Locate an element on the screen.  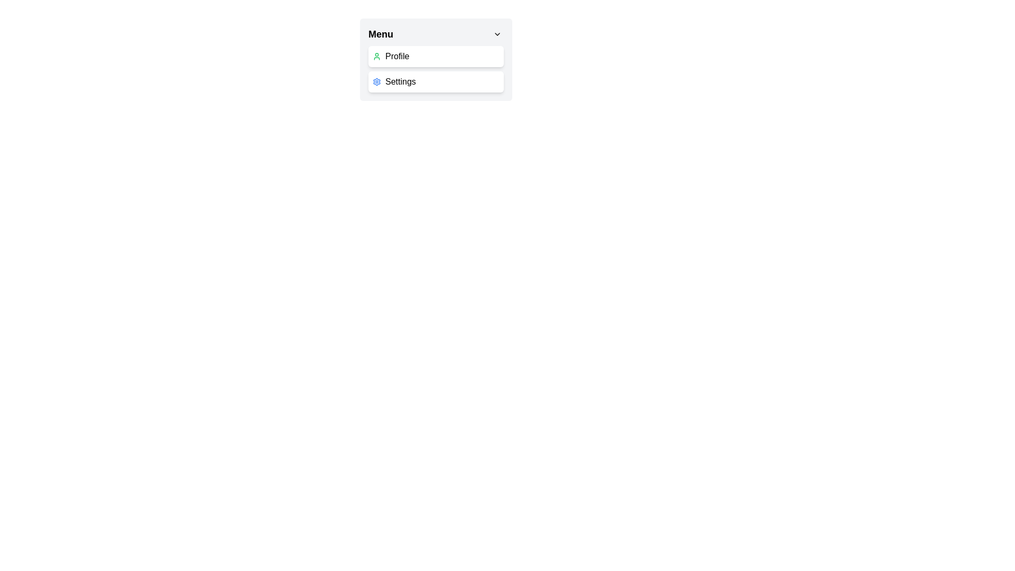
the Text Label indicating a settings-related option located in the lower section of the menu dropdown, to the right of a gear-shaped icon is located at coordinates (400, 81).